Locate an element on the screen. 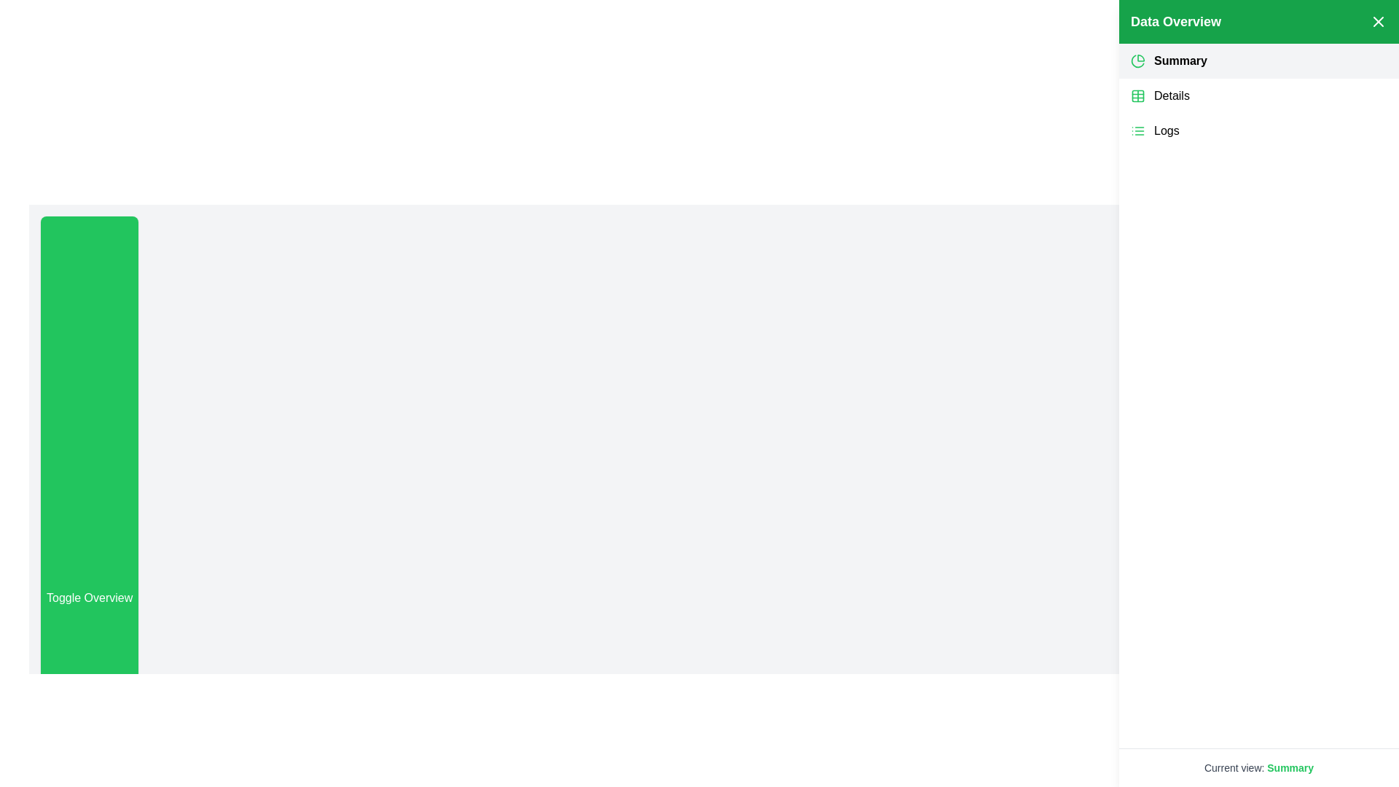  the 'Logs' icon located in the 'Data Overview' menu section is located at coordinates (1137, 131).